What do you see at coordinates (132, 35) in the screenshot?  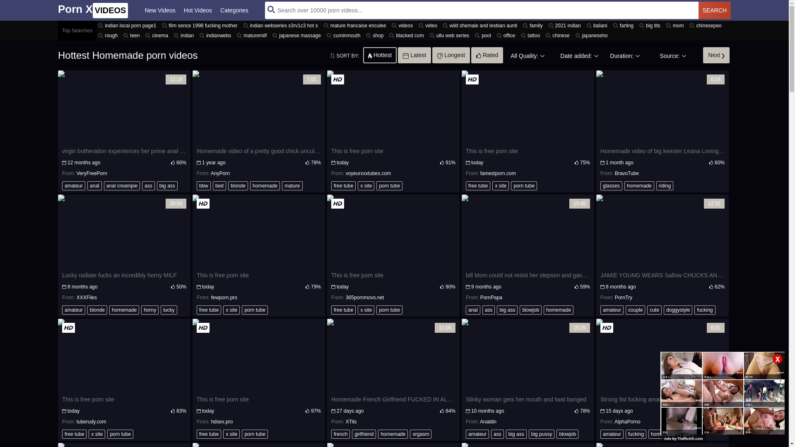 I see `'teen'` at bounding box center [132, 35].